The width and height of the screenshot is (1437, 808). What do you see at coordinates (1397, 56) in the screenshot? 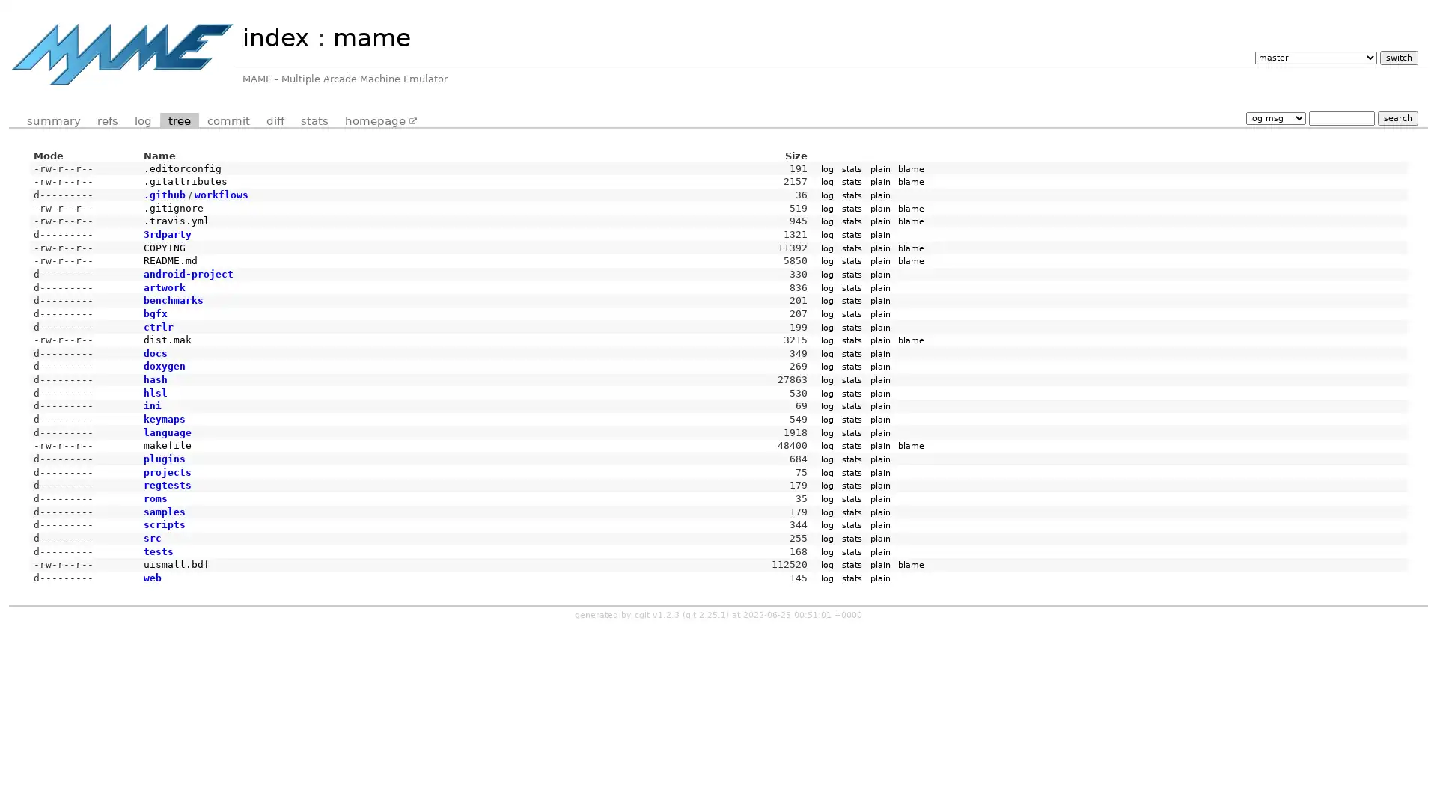
I see `switch` at bounding box center [1397, 56].